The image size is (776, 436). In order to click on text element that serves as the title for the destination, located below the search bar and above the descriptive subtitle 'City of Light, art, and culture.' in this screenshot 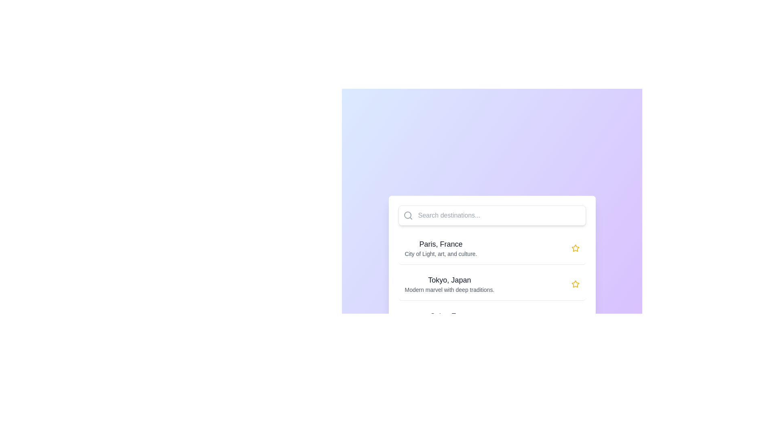, I will do `click(440, 243)`.